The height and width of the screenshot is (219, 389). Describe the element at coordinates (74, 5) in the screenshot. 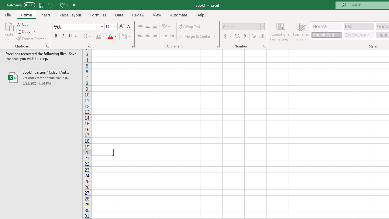

I see `'Customize Quick Access Toolbar'` at that location.